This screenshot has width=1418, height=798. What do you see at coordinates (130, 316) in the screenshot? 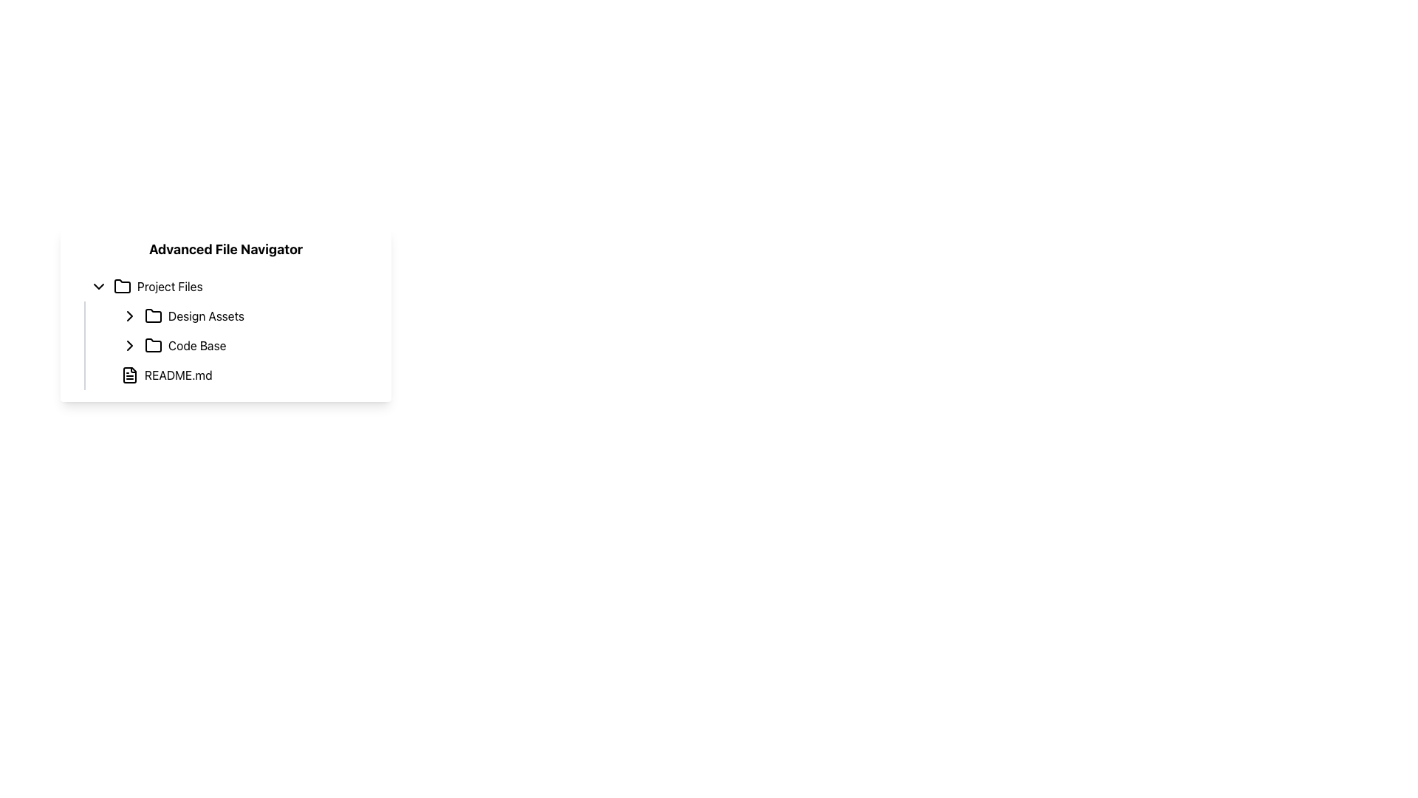
I see `the arrow icon` at bounding box center [130, 316].